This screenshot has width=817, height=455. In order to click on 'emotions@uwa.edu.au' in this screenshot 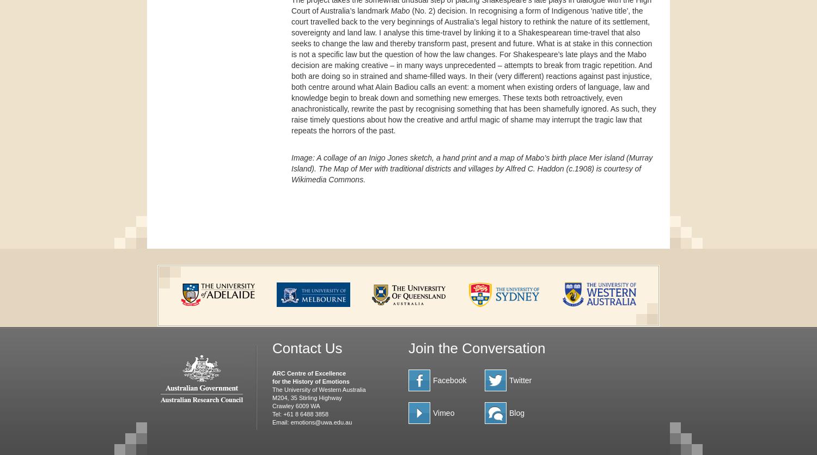, I will do `click(320, 421)`.